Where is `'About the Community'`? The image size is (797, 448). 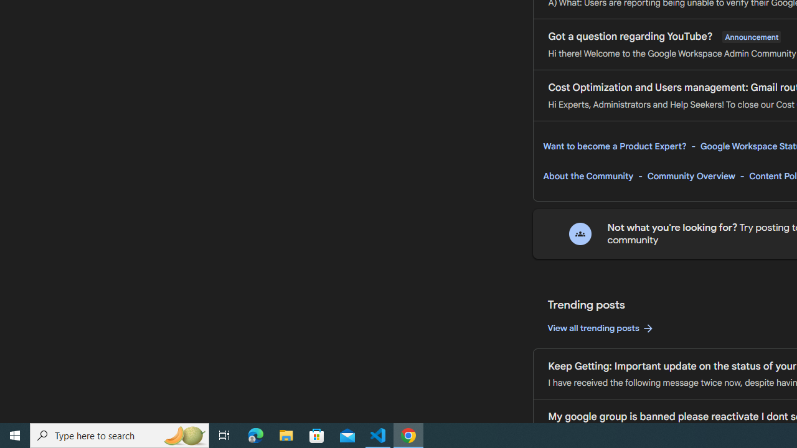 'About the Community' is located at coordinates (587, 176).